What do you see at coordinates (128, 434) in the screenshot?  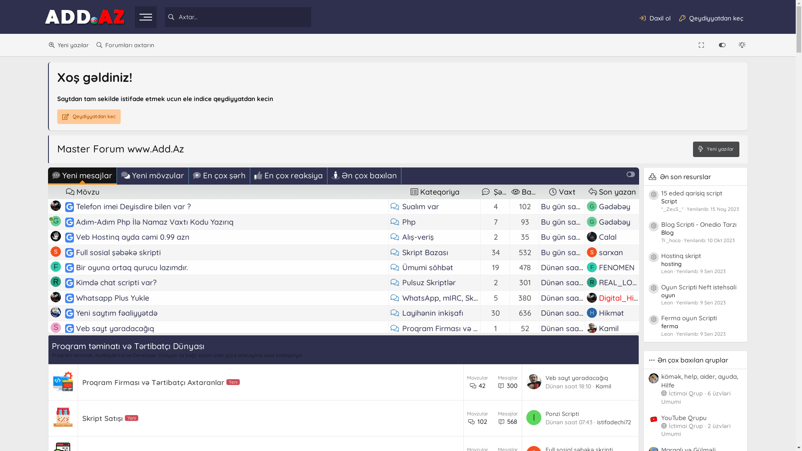 I see `'Metinlerin translate olunmasi.'` at bounding box center [128, 434].